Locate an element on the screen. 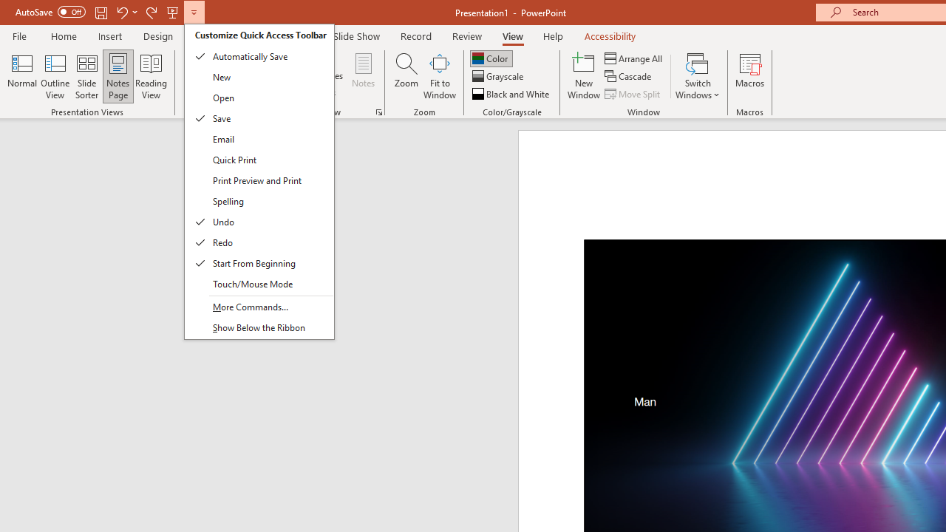  'Zoom...' is located at coordinates (406, 76).